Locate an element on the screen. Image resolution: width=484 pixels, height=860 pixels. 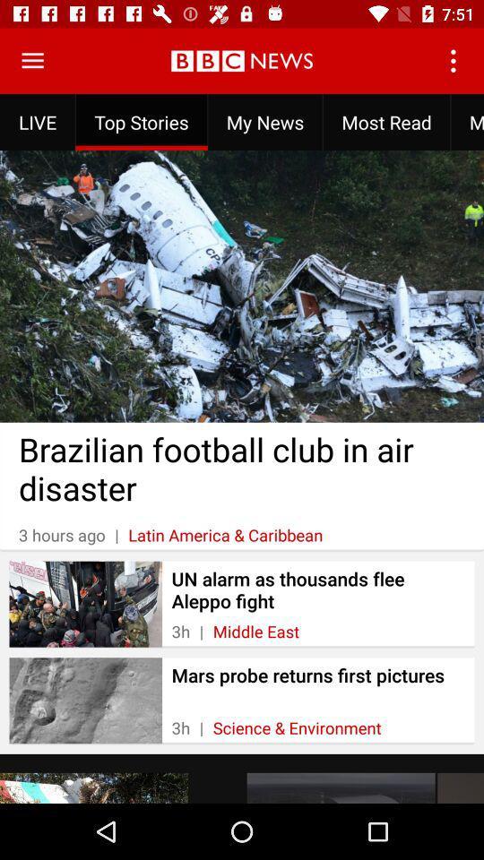
the middle east item is located at coordinates (255, 632).